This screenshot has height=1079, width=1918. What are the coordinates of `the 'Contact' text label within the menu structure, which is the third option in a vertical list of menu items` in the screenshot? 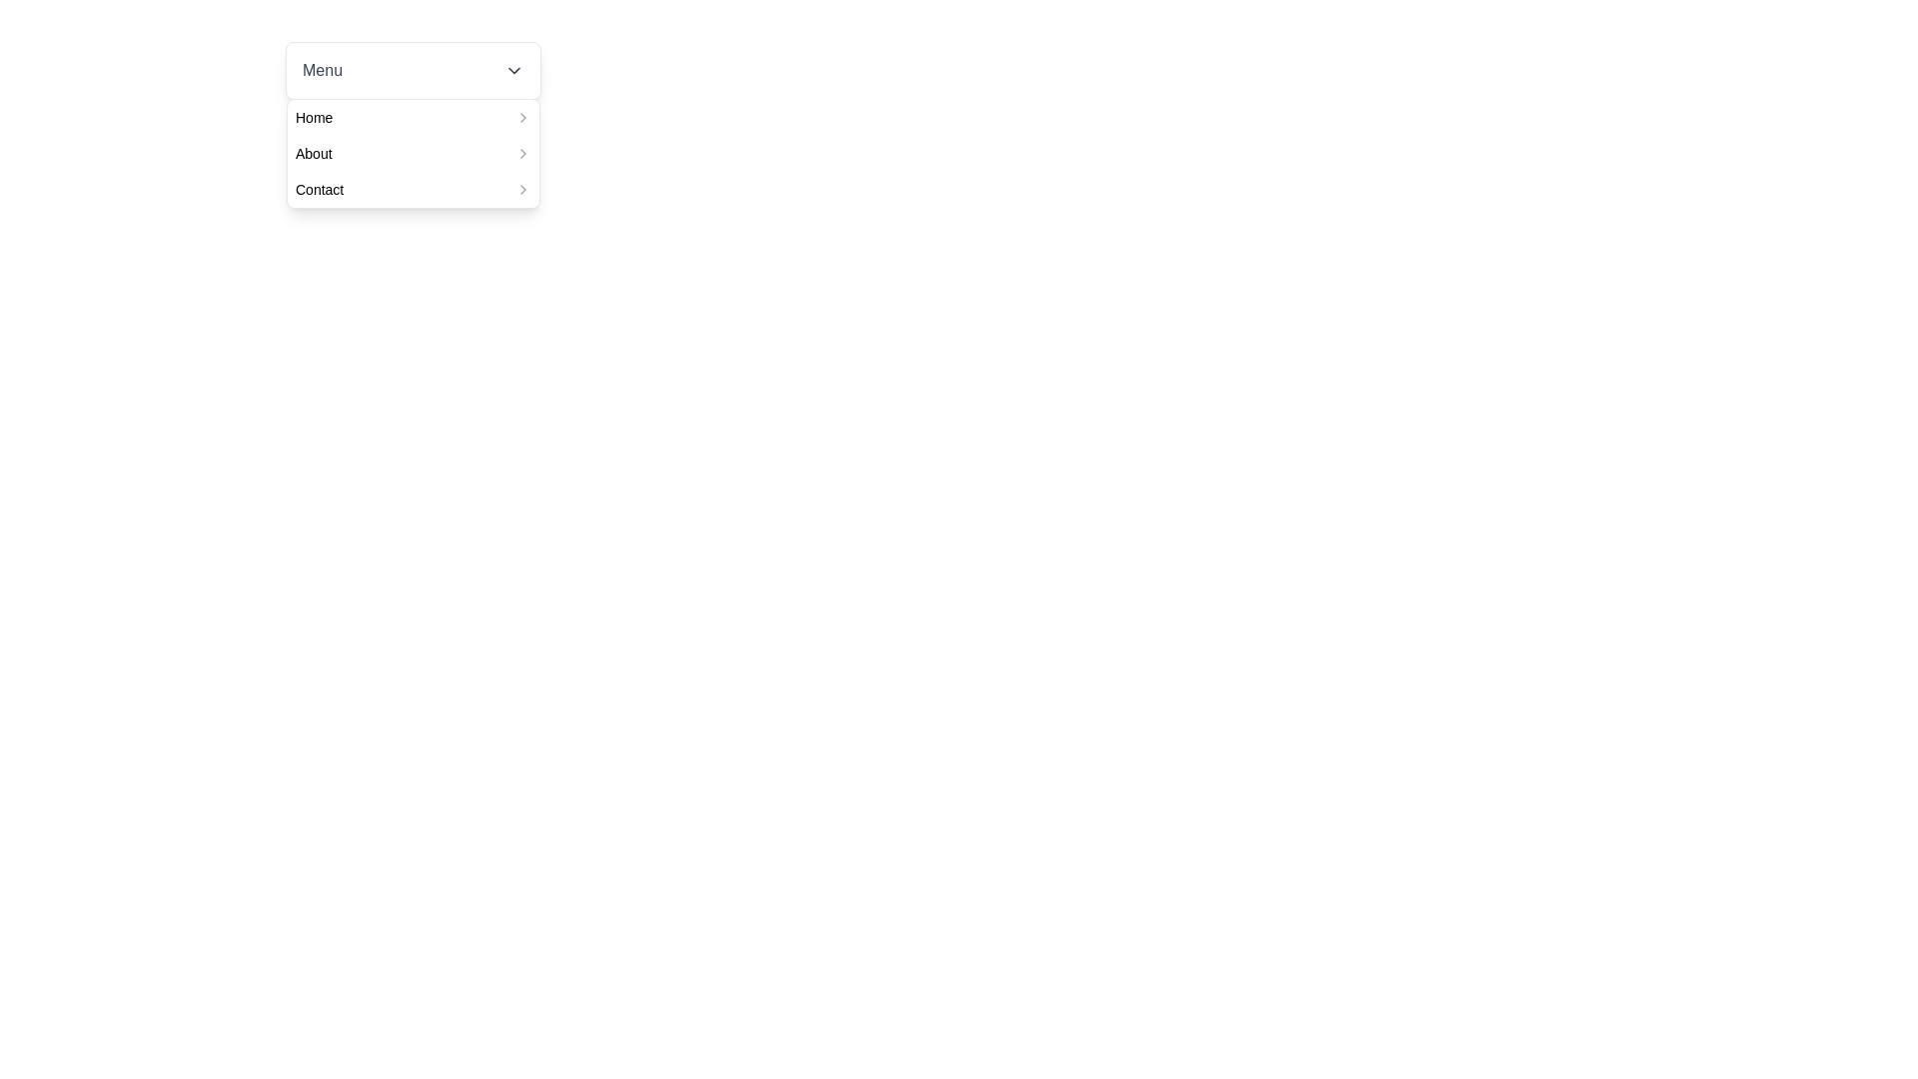 It's located at (320, 189).